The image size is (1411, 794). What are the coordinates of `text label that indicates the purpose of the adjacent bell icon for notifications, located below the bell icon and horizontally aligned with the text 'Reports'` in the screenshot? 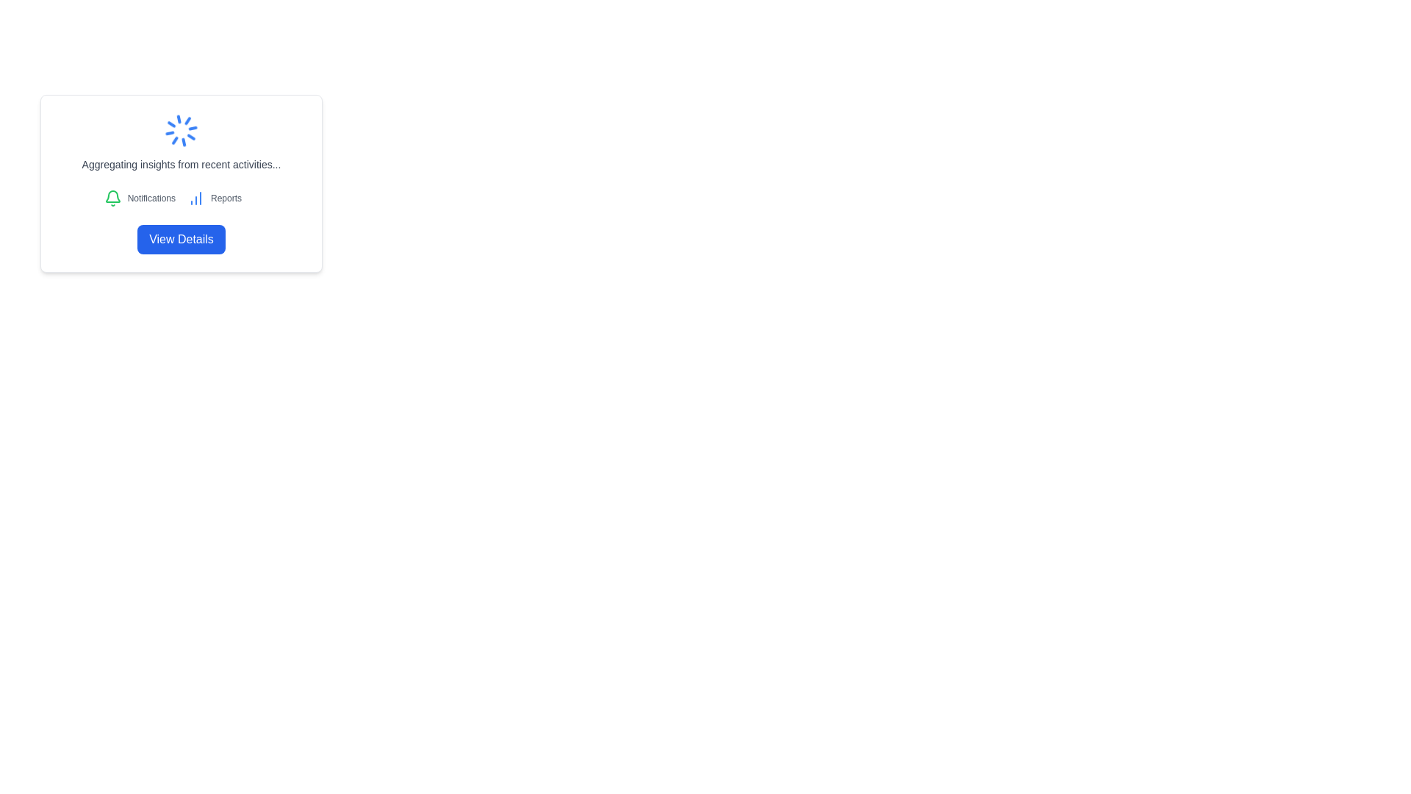 It's located at (151, 198).